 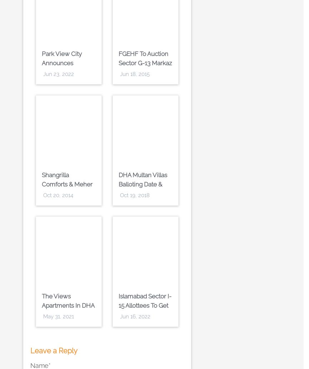 I want to click on 'May 31, 2021', so click(x=58, y=316).